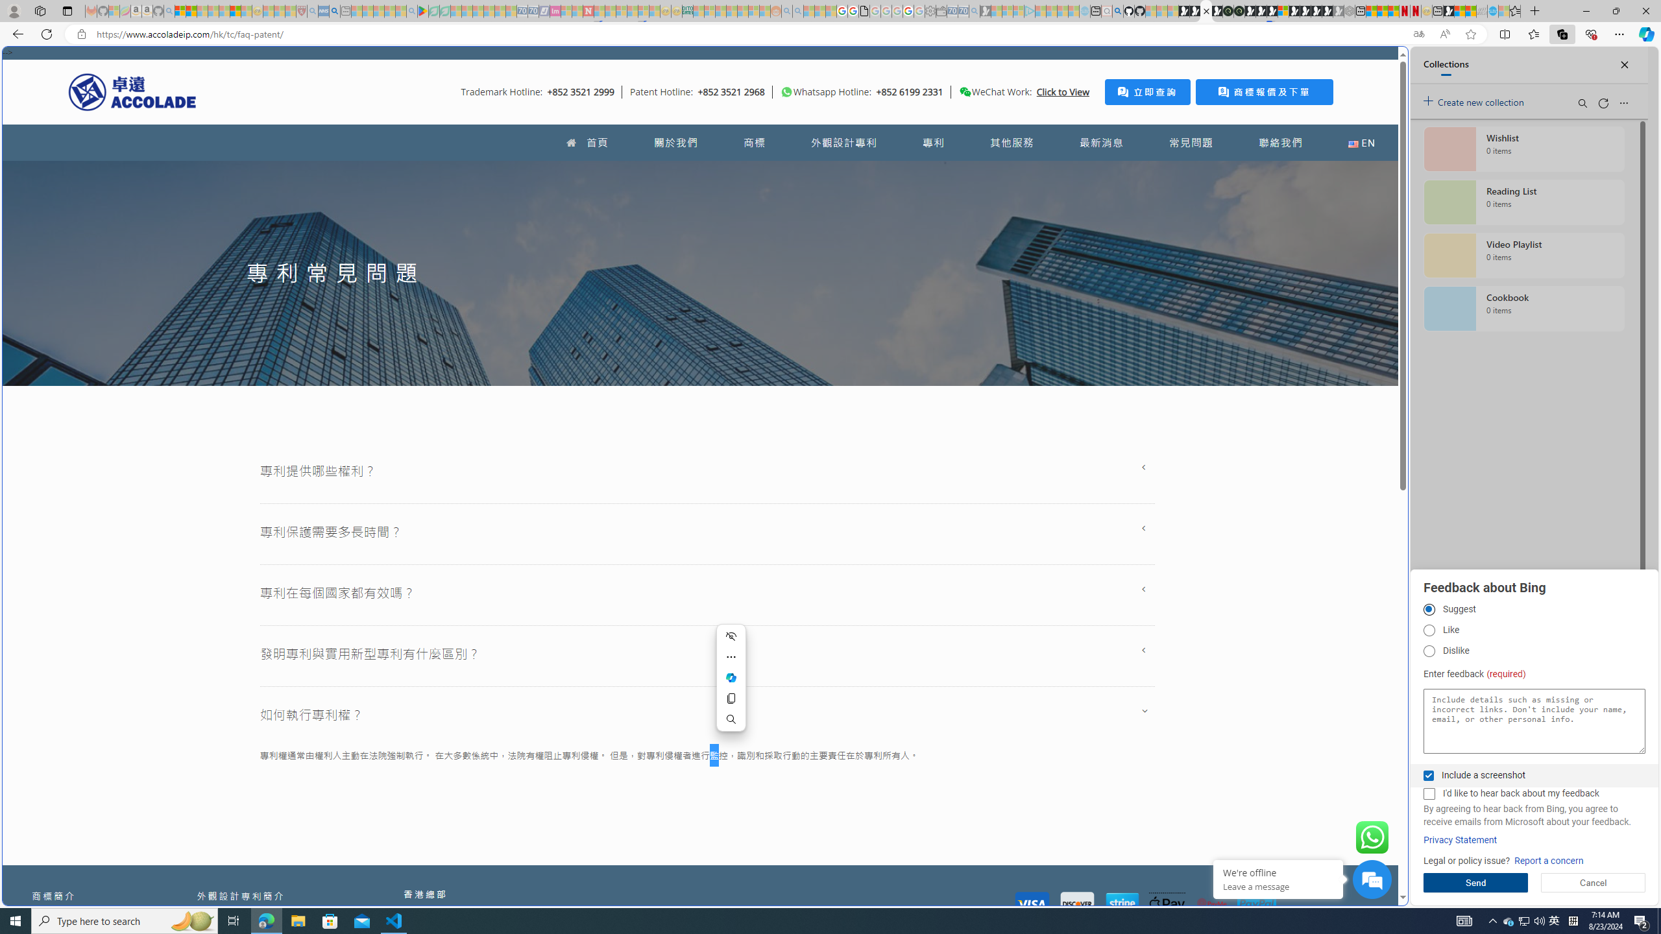 This screenshot has height=934, width=1661. I want to click on 'Ask Copilot', so click(731, 678).